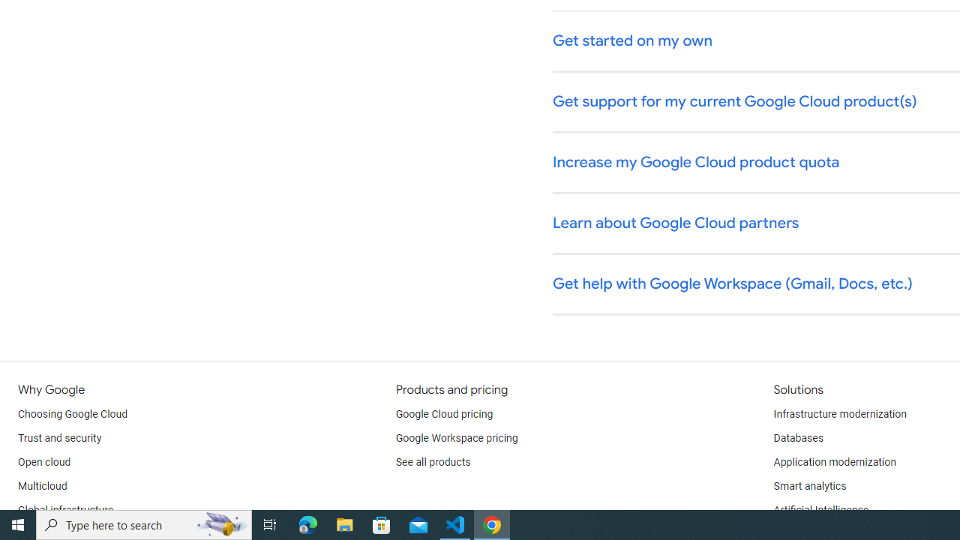 This screenshot has width=960, height=540. What do you see at coordinates (456, 439) in the screenshot?
I see `'Google Workspace pricing'` at bounding box center [456, 439].